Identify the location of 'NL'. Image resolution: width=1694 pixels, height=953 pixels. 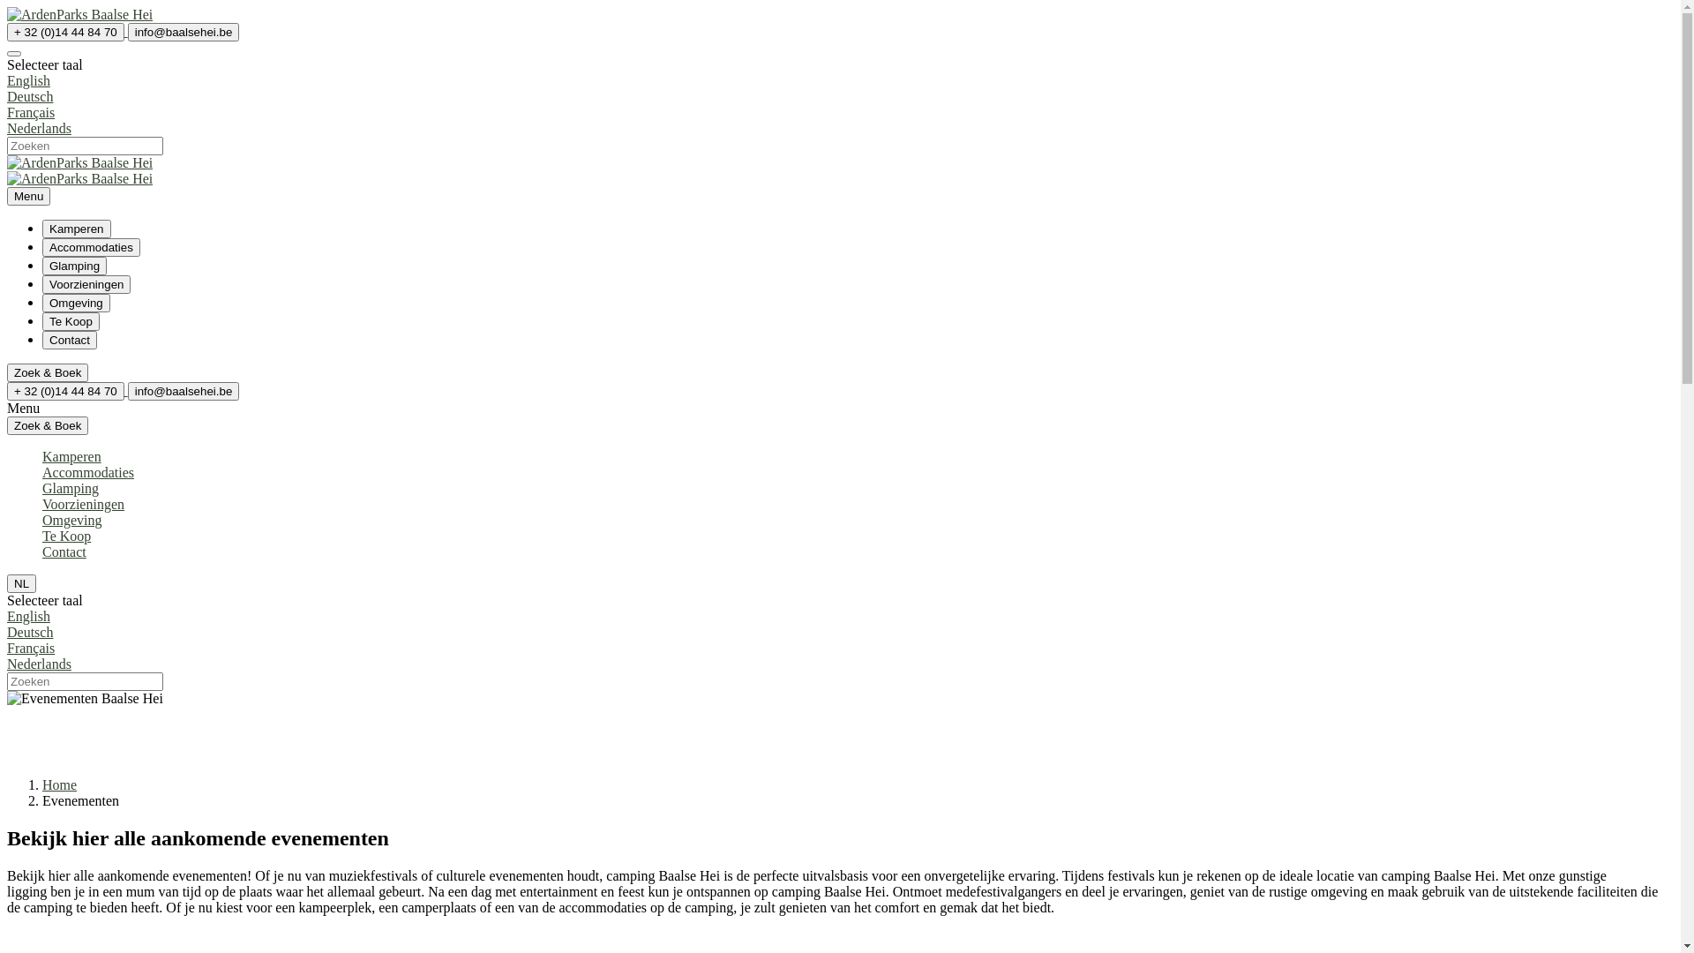
(21, 583).